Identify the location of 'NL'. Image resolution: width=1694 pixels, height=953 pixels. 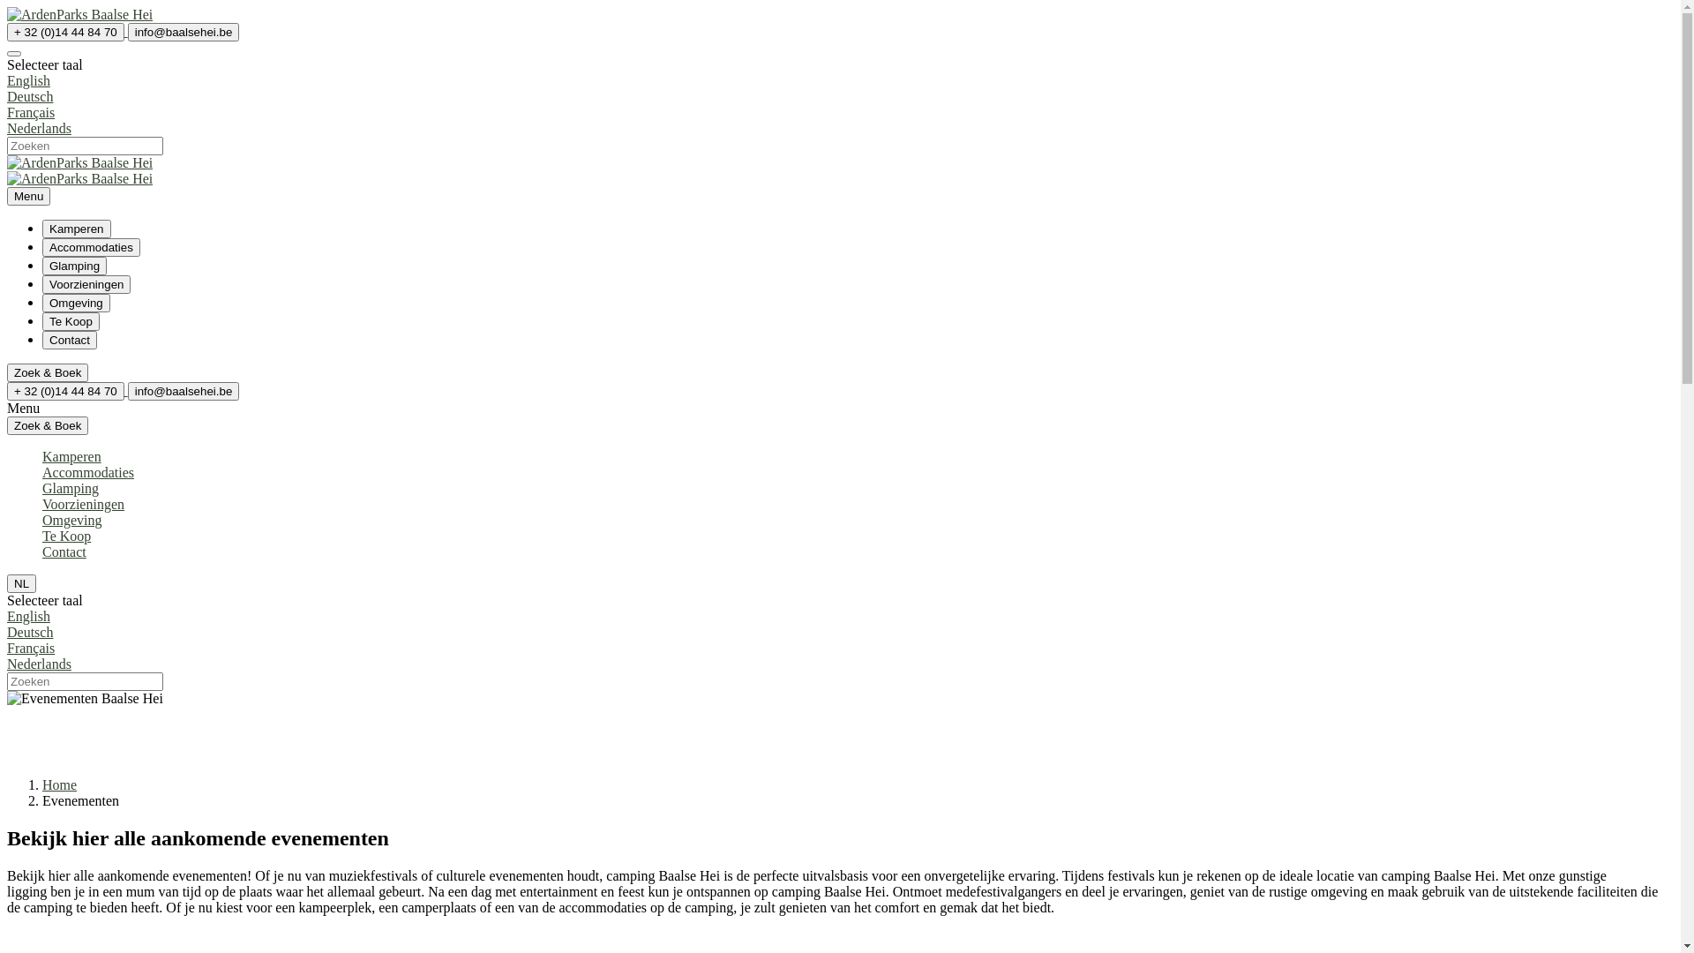
(21, 583).